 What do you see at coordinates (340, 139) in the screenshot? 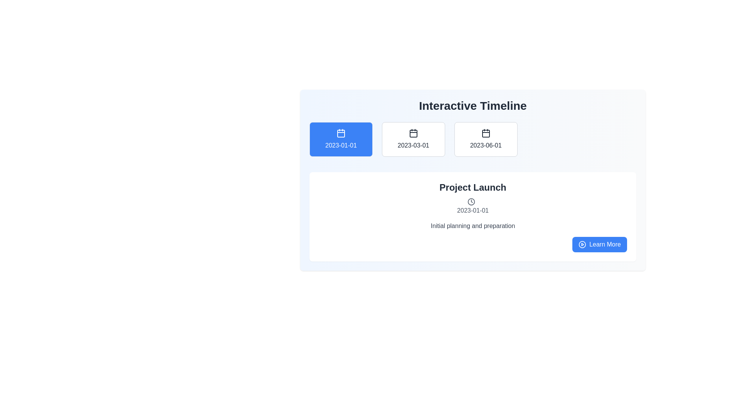
I see `the blue rectangular button displaying the date '2023-01-01' with a calendar icon at the top center` at bounding box center [340, 139].